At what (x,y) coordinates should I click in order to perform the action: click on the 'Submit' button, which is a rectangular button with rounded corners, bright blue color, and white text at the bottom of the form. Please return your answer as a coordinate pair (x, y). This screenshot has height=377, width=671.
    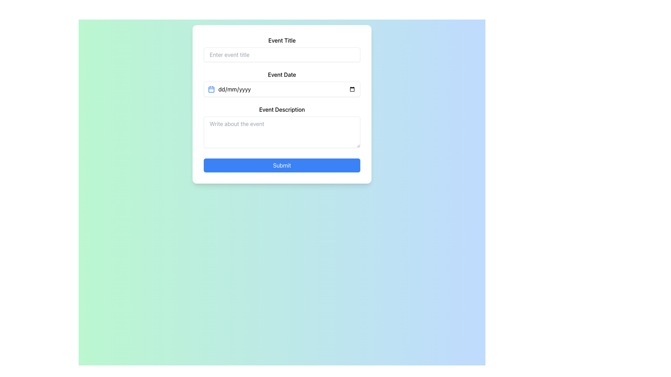
    Looking at the image, I should click on (282, 165).